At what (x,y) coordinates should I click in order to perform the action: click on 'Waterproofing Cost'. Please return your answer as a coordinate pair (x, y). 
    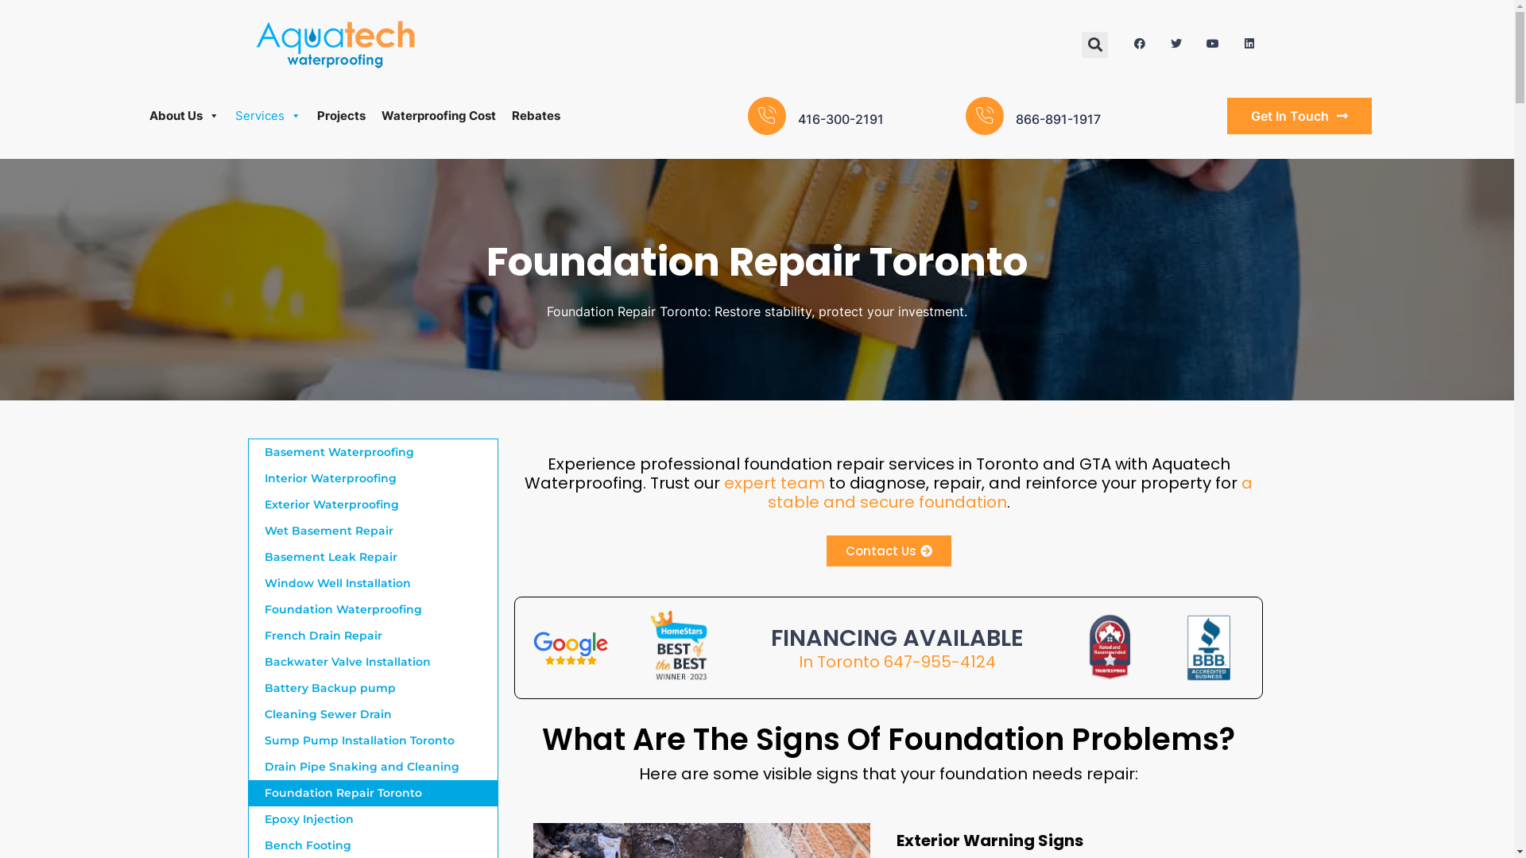
    Looking at the image, I should click on (439, 115).